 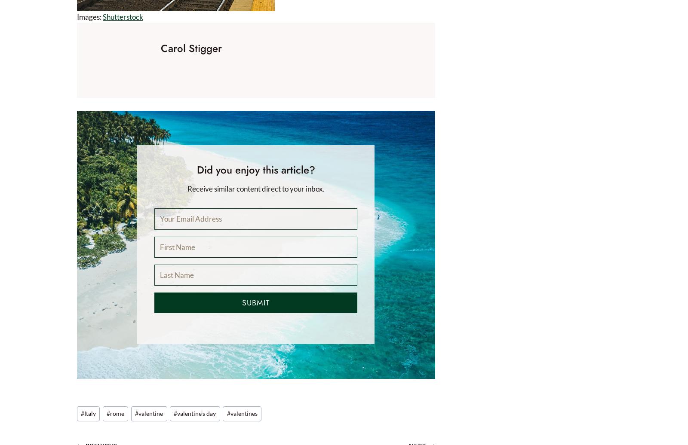 I want to click on 'Shutterstock', so click(x=103, y=16).